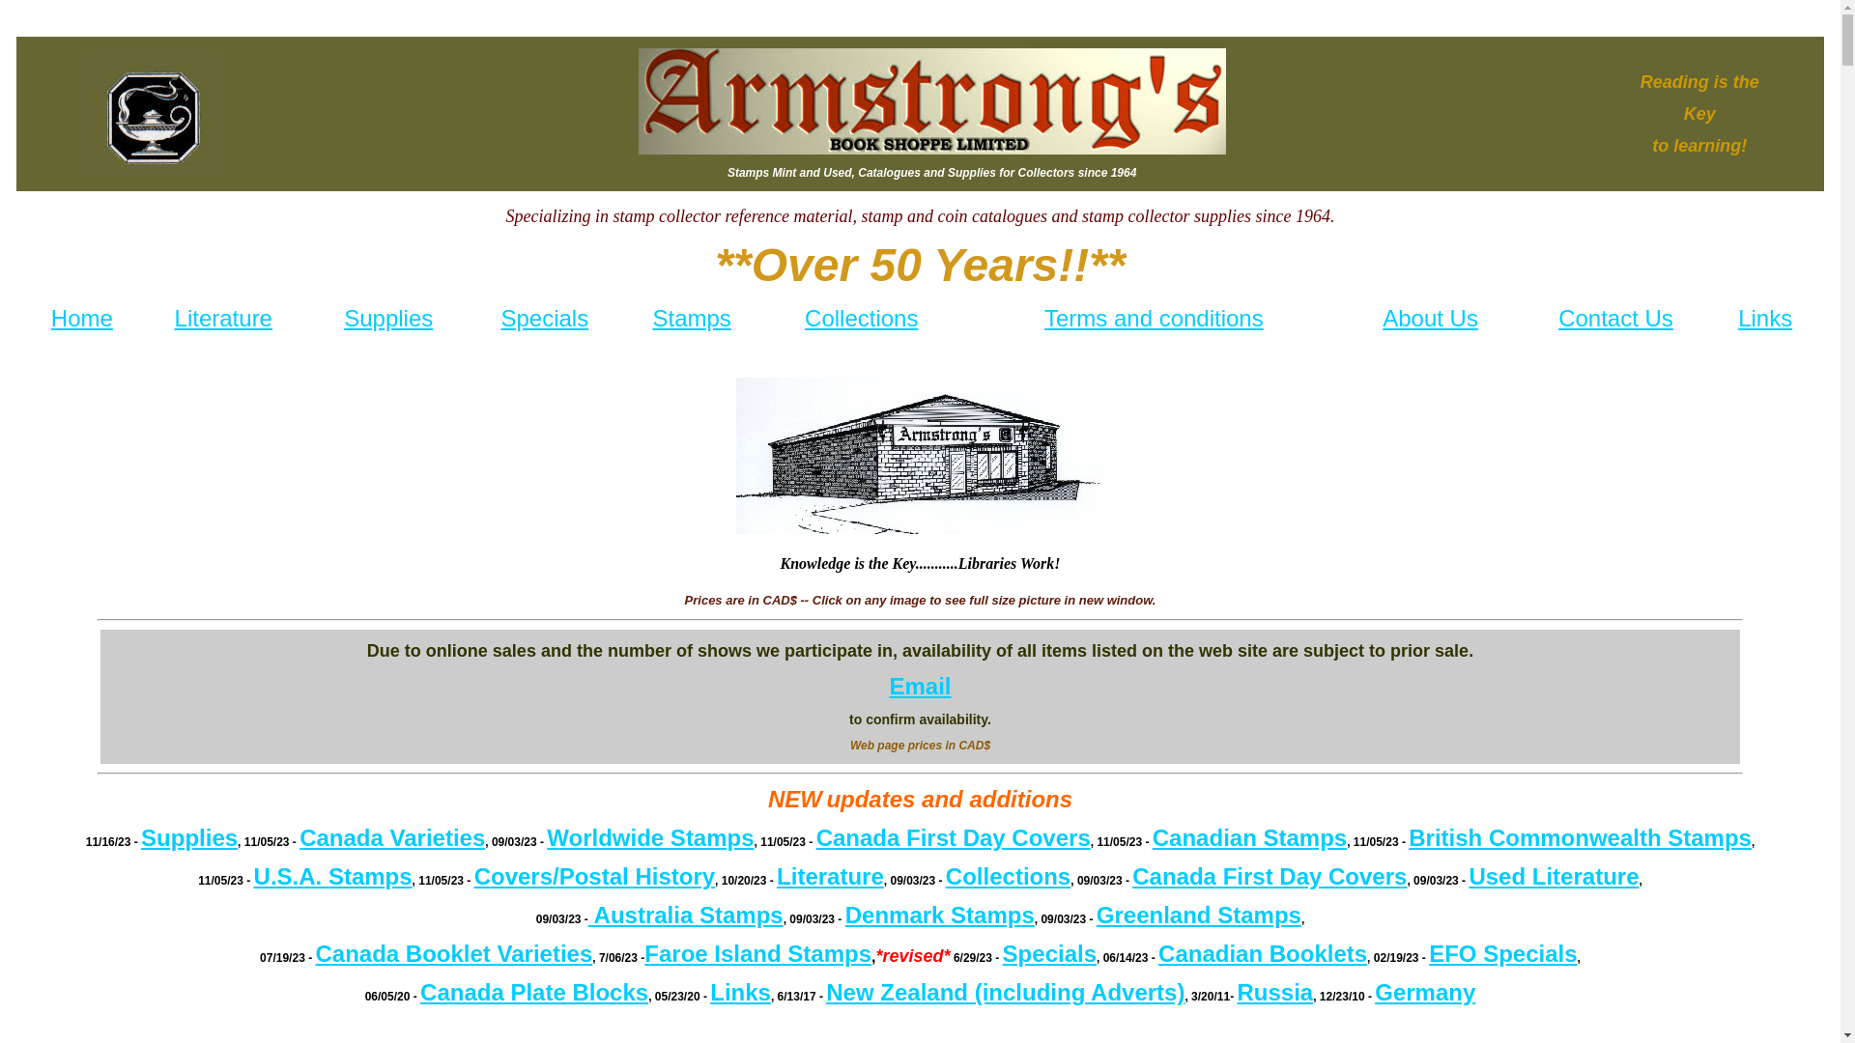 This screenshot has height=1043, width=1855. I want to click on 'New Zealand (including Adverts)', so click(1005, 992).